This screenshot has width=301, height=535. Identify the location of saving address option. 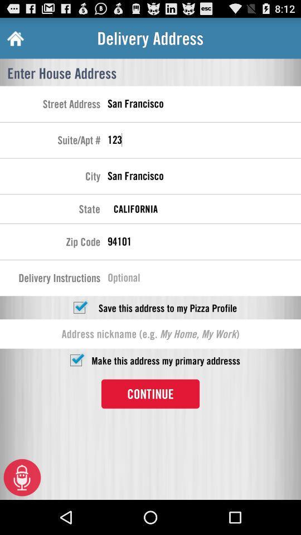
(79, 308).